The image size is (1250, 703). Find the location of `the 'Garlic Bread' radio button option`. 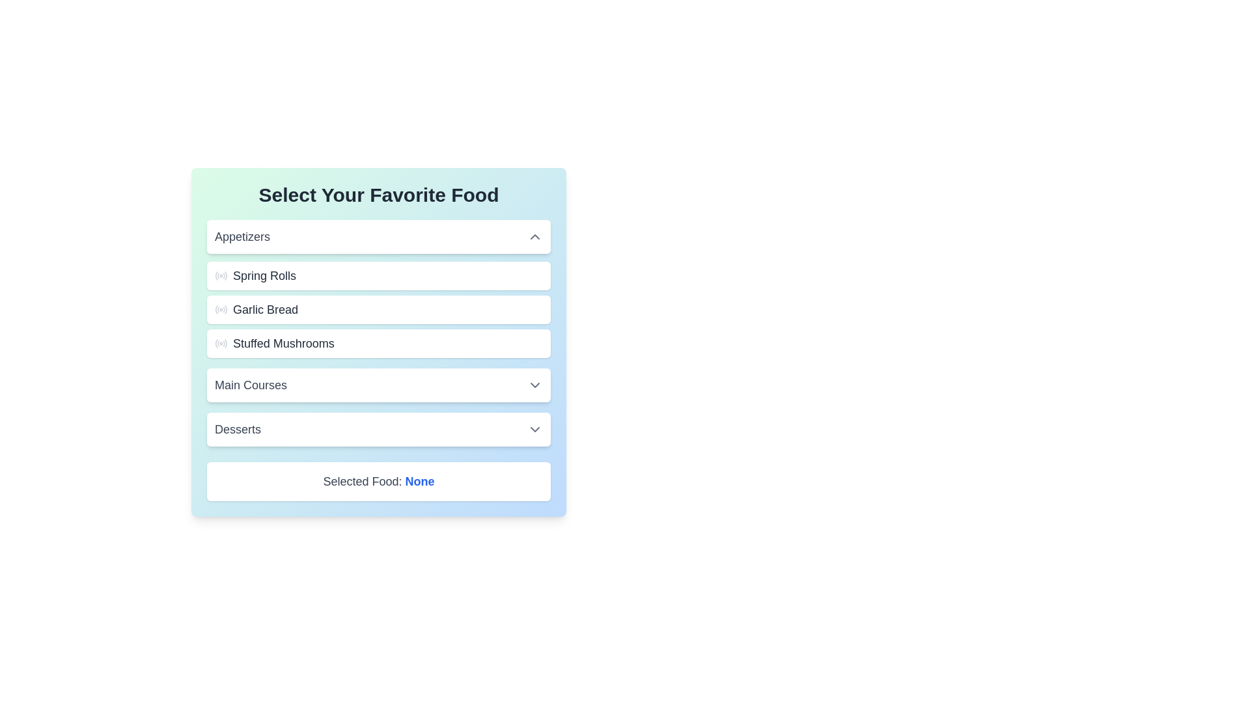

the 'Garlic Bread' radio button option is located at coordinates (378, 309).